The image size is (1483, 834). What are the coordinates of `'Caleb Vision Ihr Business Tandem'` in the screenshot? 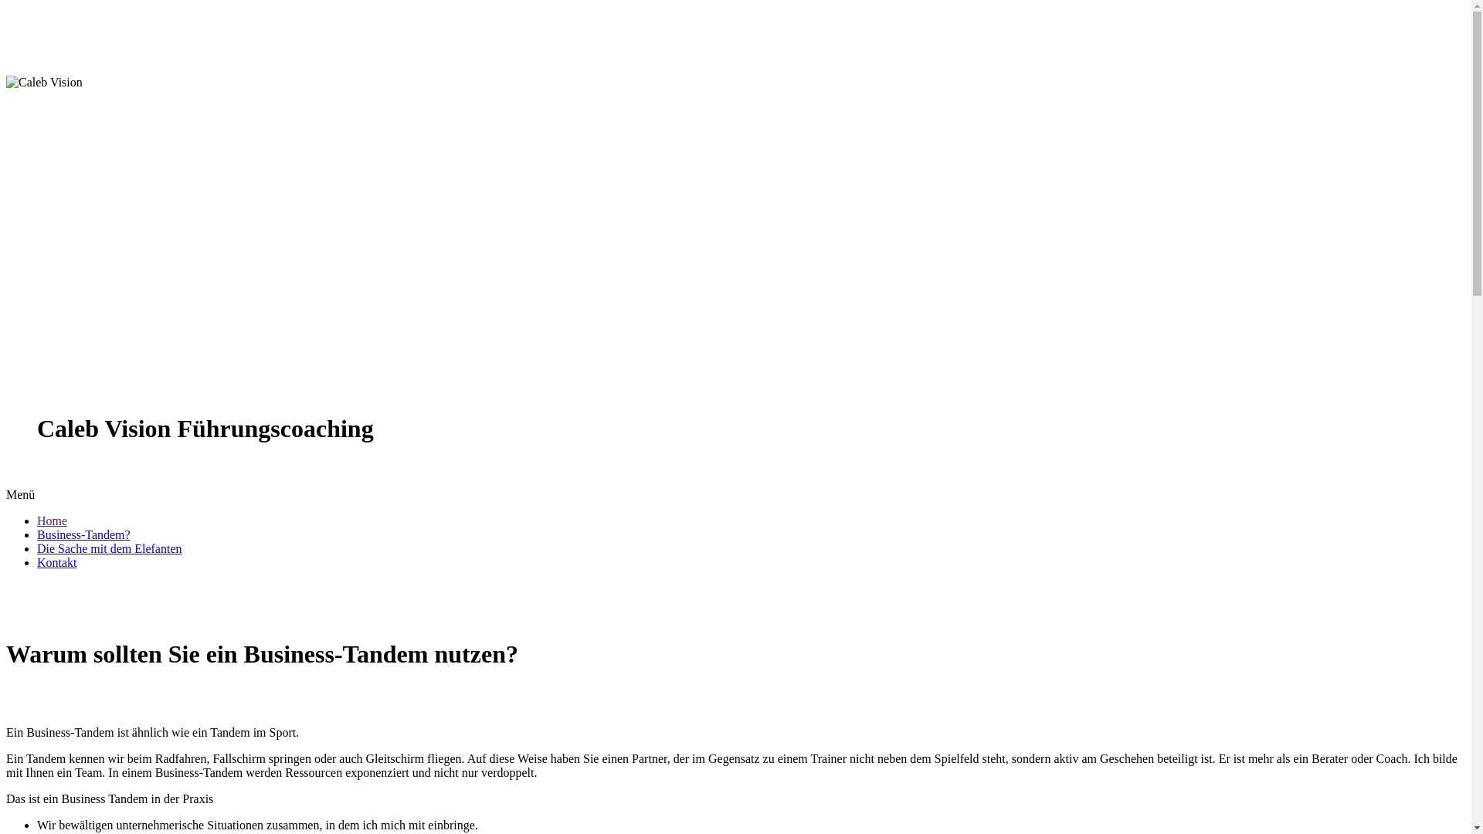 It's located at (44, 83).